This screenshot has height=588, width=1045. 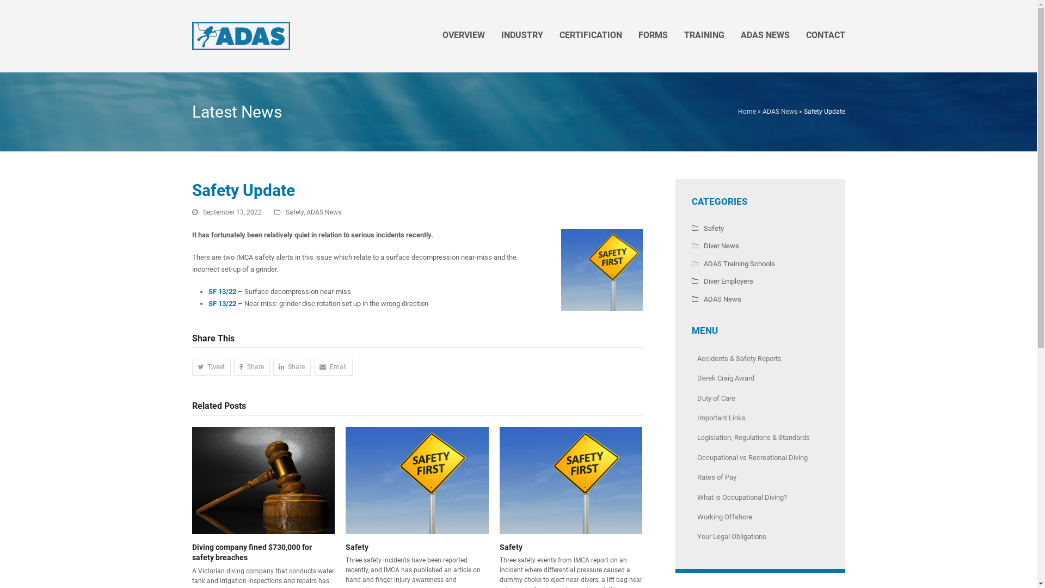 What do you see at coordinates (263, 479) in the screenshot?
I see `'Diving company fined $730,000 for safety breaches'` at bounding box center [263, 479].